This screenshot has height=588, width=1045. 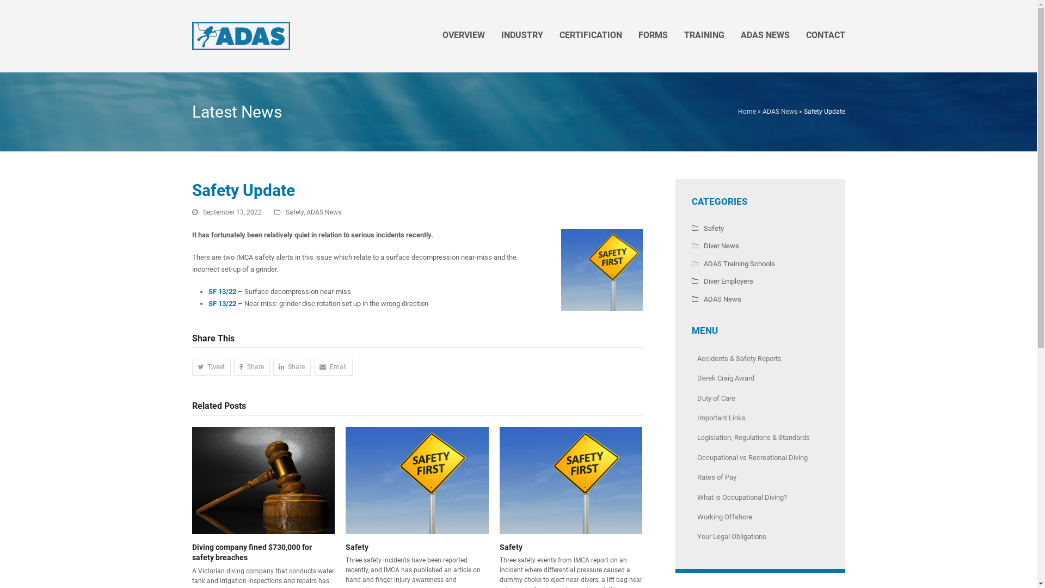 What do you see at coordinates (263, 479) in the screenshot?
I see `'Diving company fined $730,000 for safety breaches'` at bounding box center [263, 479].